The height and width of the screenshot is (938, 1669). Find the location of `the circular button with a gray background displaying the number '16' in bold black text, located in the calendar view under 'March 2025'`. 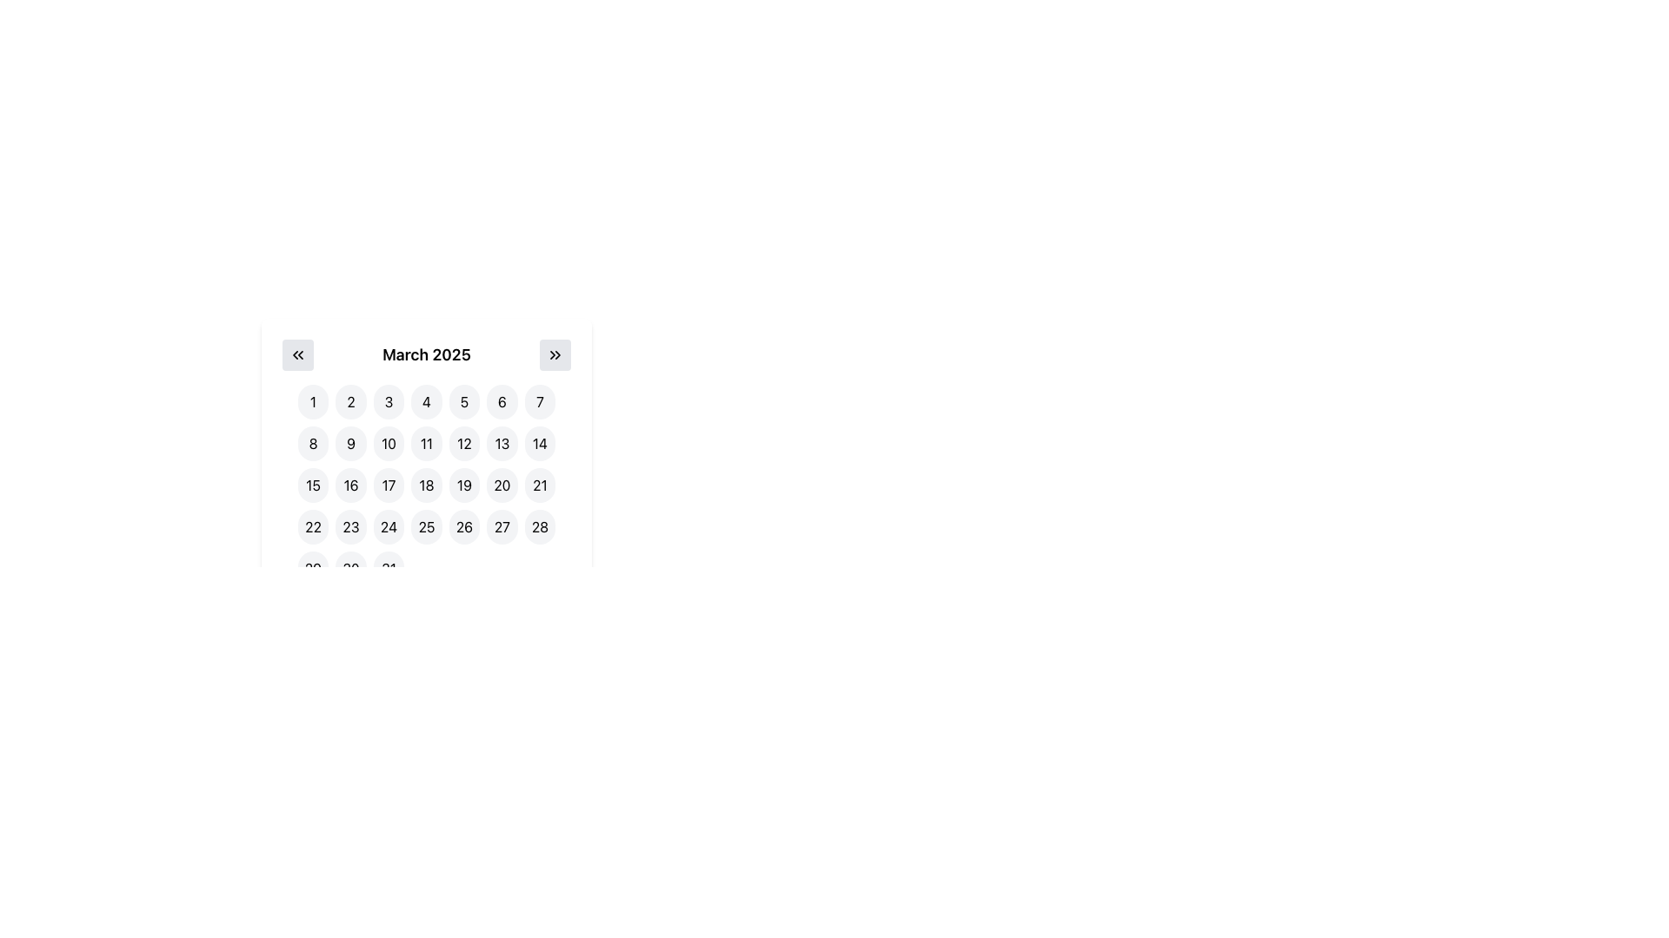

the circular button with a gray background displaying the number '16' in bold black text, located in the calendar view under 'March 2025' is located at coordinates (349, 486).